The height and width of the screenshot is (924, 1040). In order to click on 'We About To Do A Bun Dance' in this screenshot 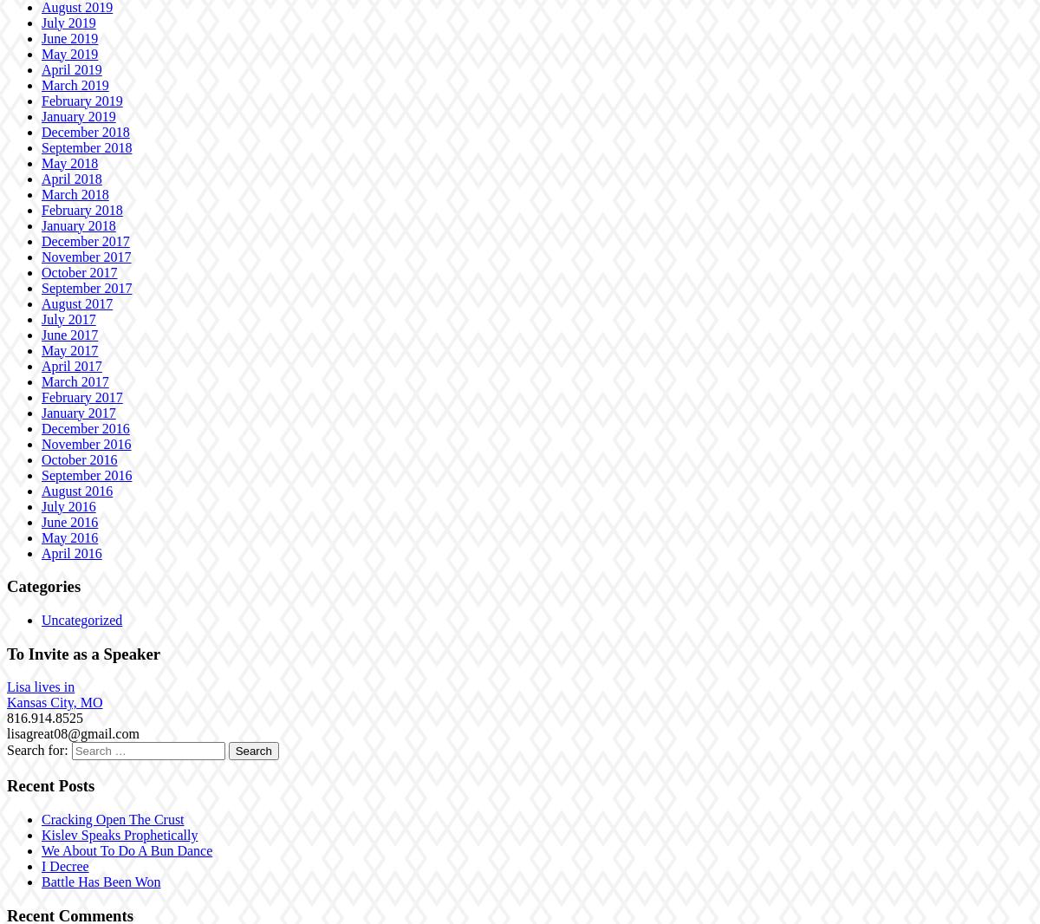, I will do `click(127, 849)`.